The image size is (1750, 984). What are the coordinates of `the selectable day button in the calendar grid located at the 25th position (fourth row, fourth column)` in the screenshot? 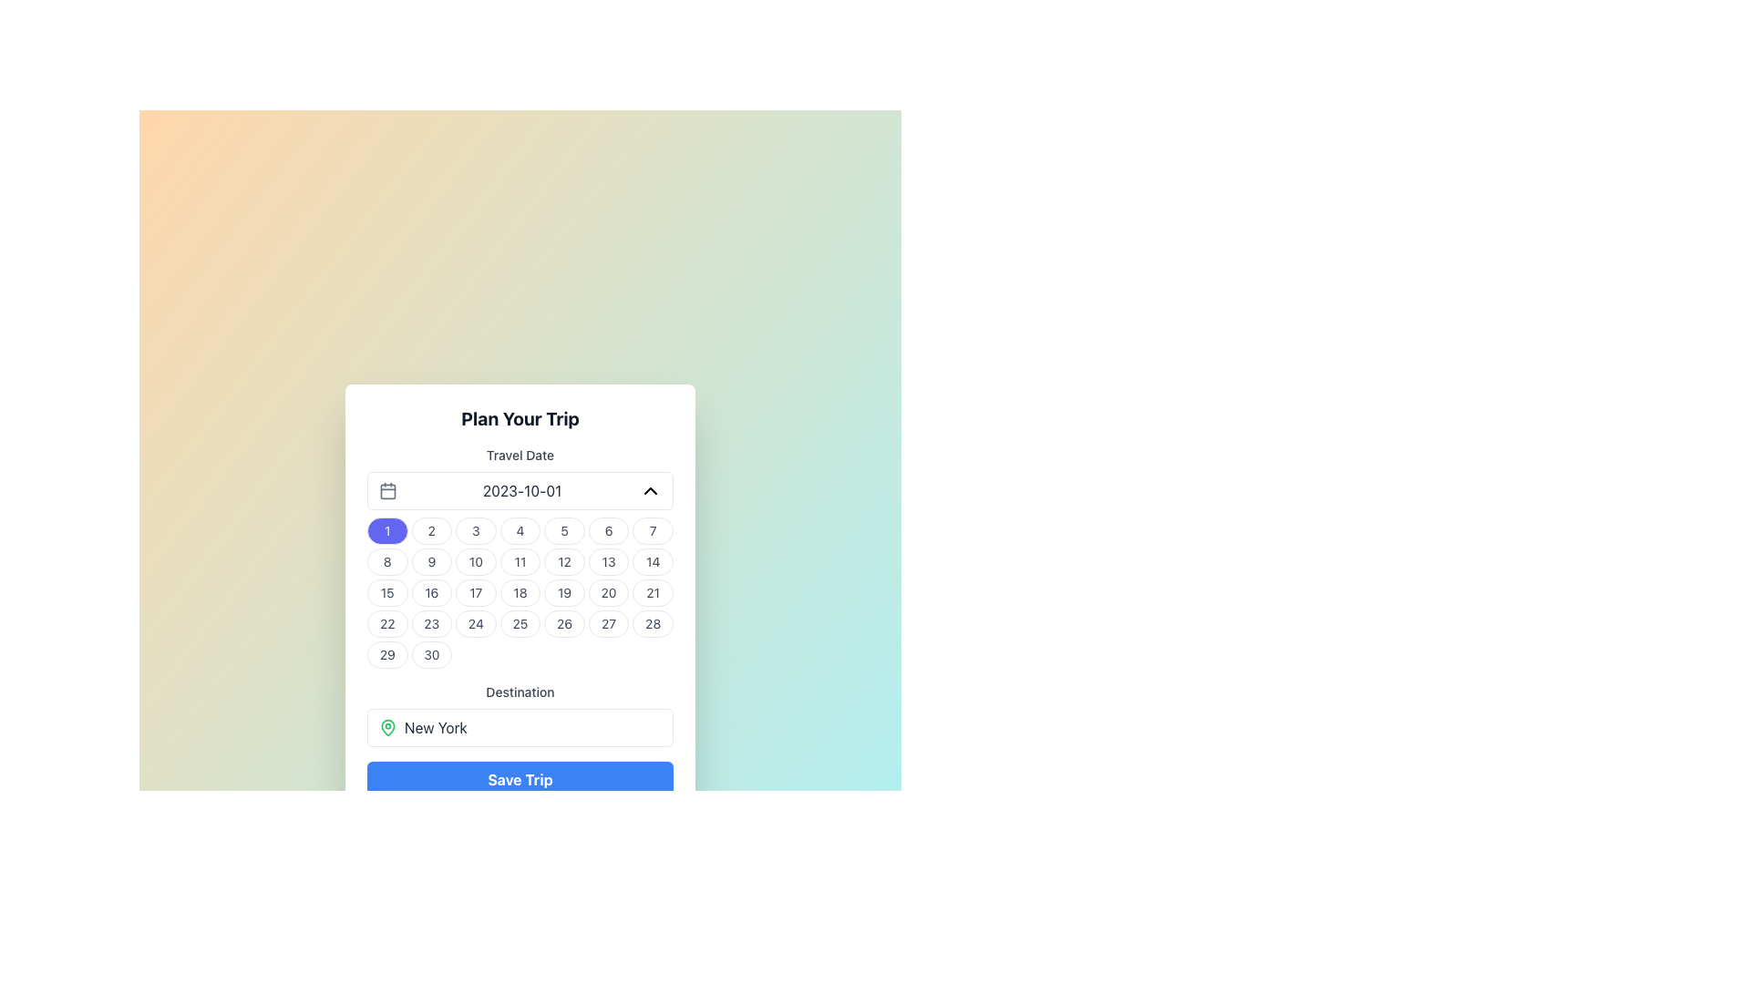 It's located at (520, 623).